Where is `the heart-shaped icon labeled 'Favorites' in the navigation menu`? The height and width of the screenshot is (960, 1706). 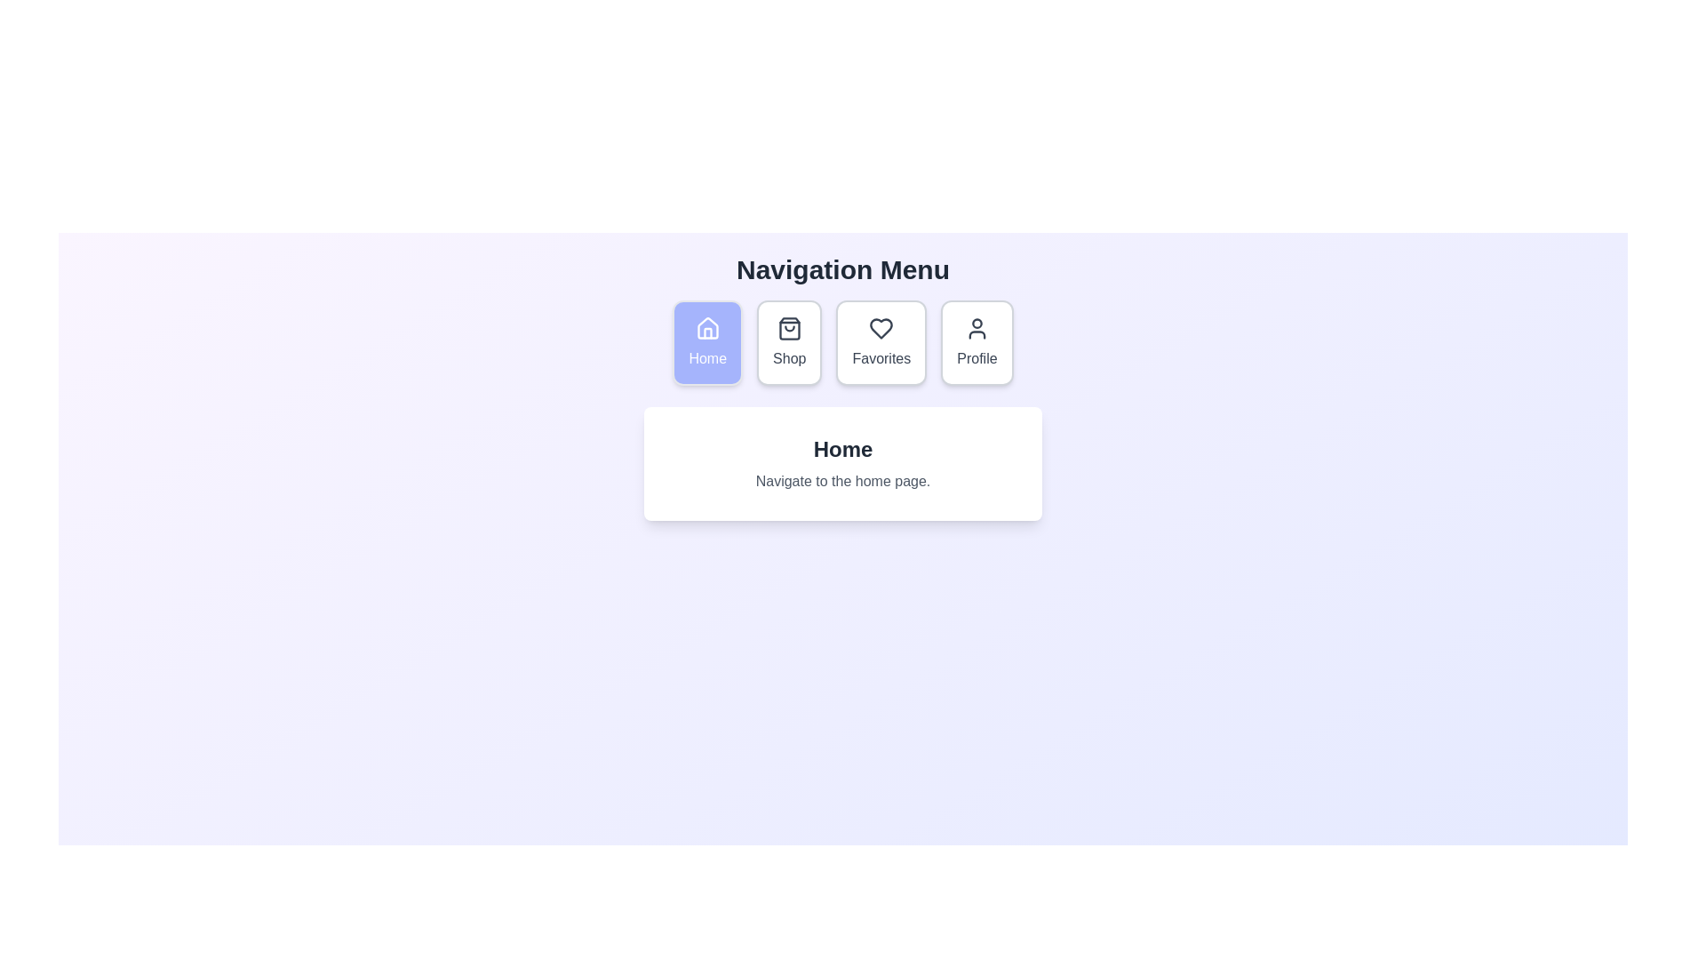 the heart-shaped icon labeled 'Favorites' in the navigation menu is located at coordinates (881, 329).